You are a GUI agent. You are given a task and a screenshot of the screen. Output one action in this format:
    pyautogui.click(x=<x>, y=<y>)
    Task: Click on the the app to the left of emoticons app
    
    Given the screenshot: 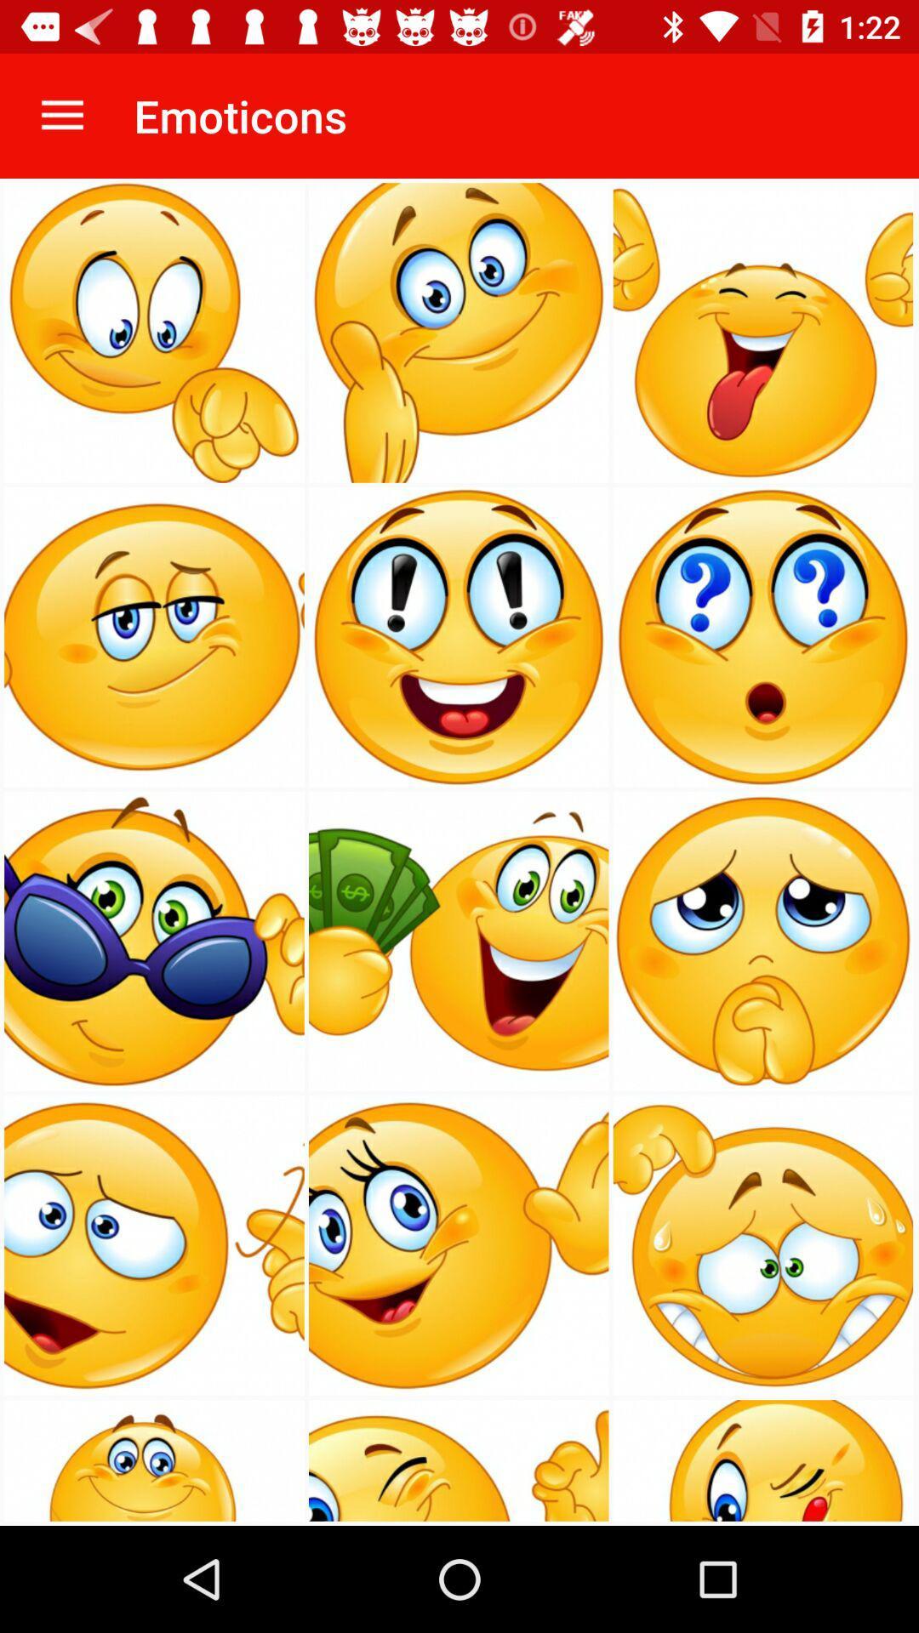 What is the action you would take?
    pyautogui.click(x=61, y=115)
    